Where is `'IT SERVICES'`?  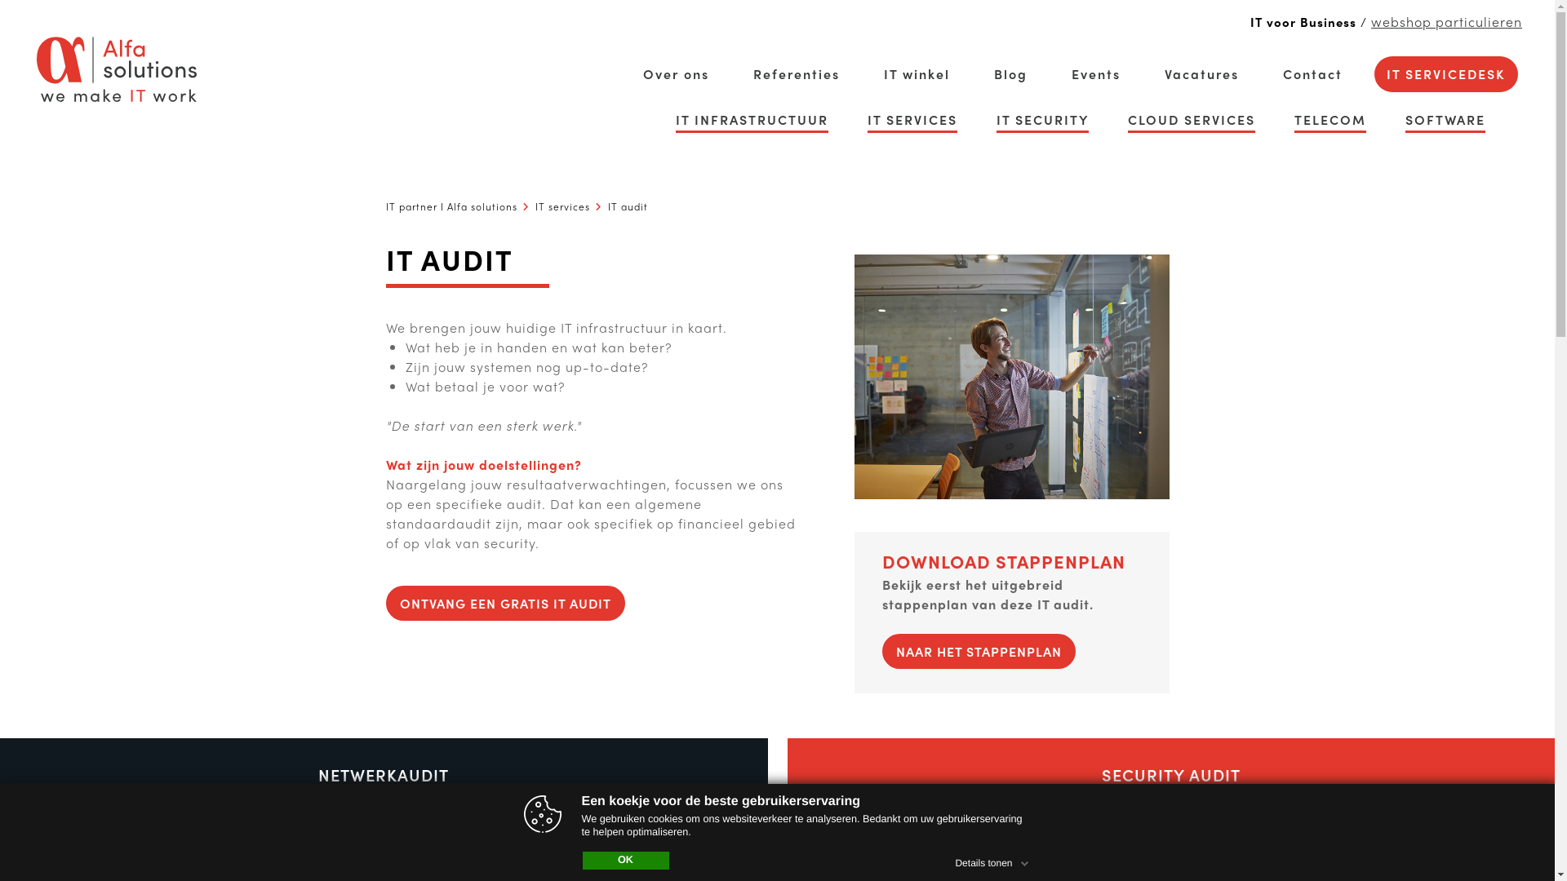
'IT SERVICES' is located at coordinates (912, 118).